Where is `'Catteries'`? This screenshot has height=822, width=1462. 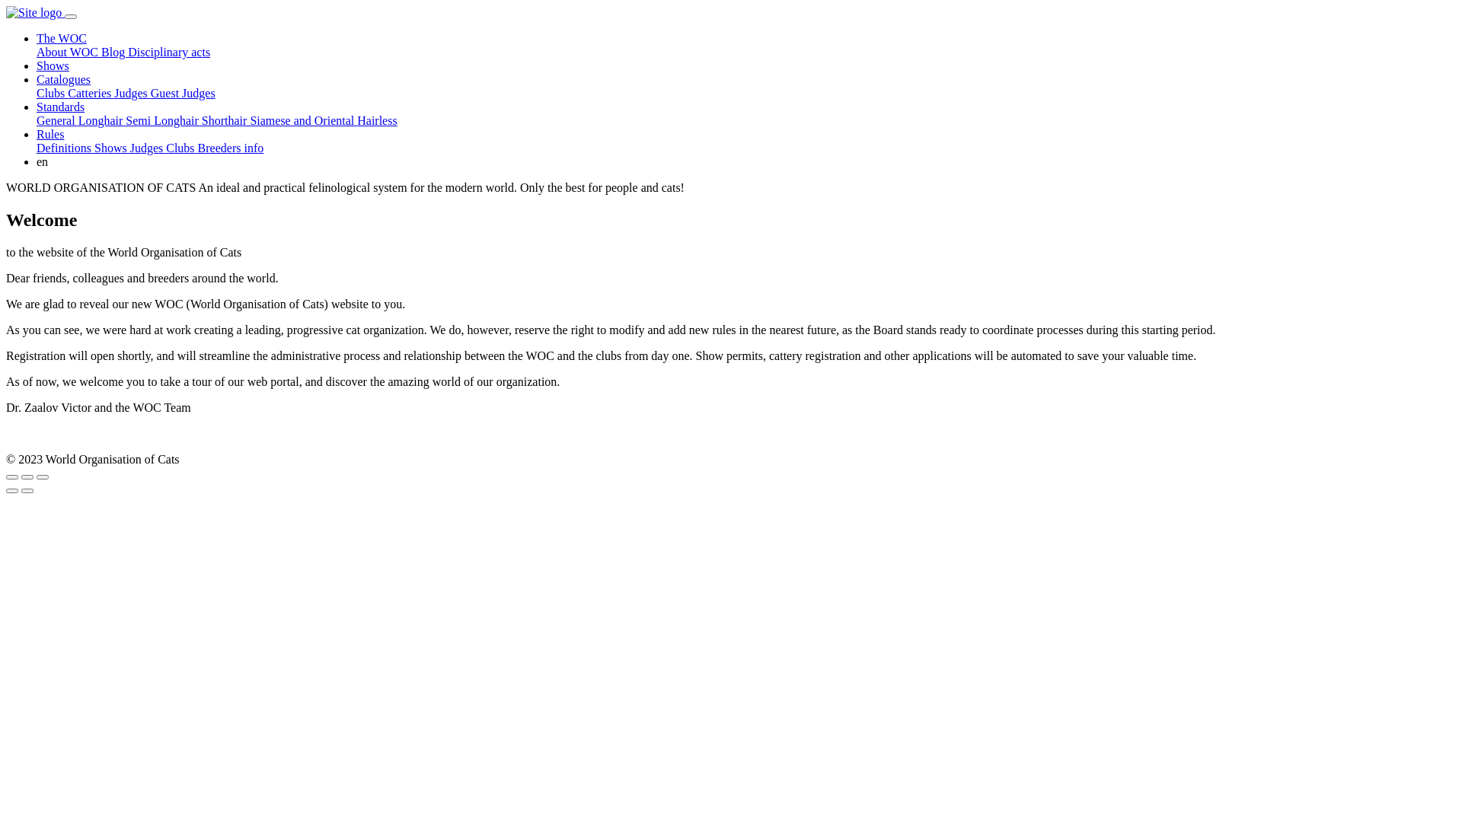
'Catteries' is located at coordinates (90, 93).